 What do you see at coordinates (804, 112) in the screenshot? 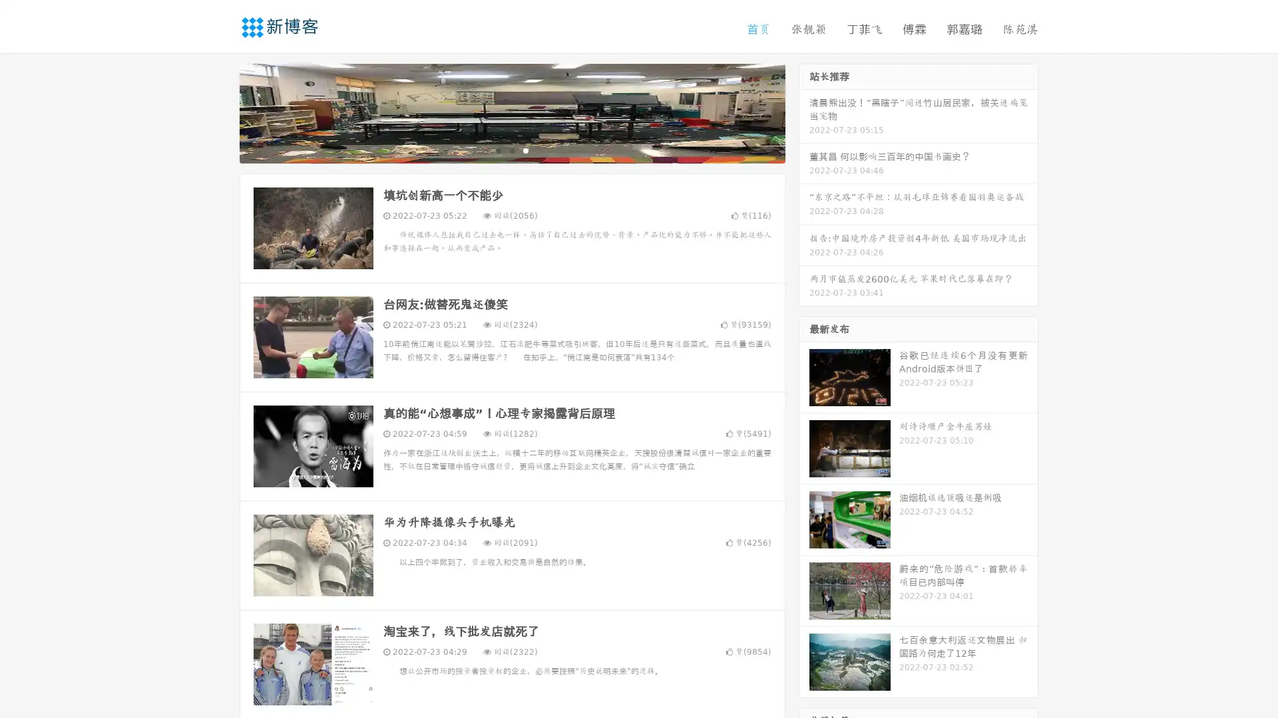
I see `Next slide` at bounding box center [804, 112].